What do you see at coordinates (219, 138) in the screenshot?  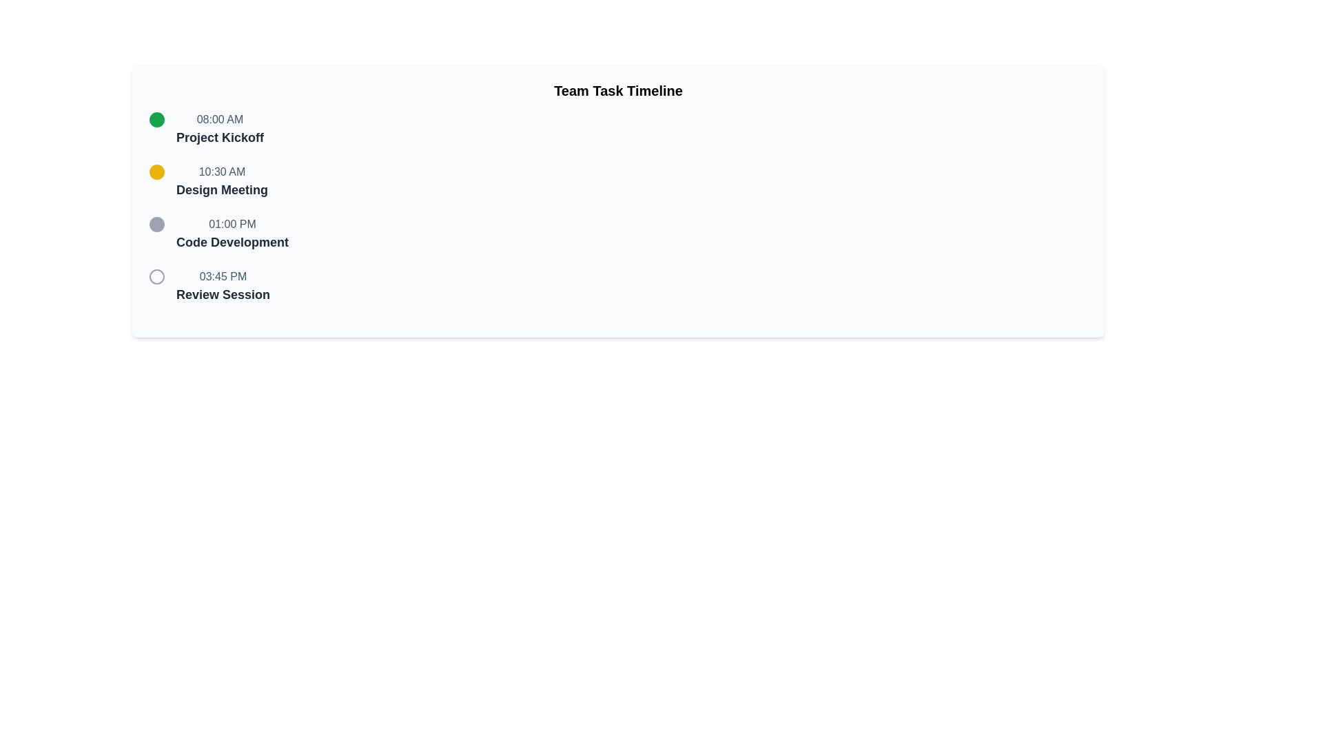 I see `the text label displaying 'Project Kickoff', which is a bold dark gray text located directly below the time marker '08:00 AM' in a vertically aligned timeline layout` at bounding box center [219, 138].